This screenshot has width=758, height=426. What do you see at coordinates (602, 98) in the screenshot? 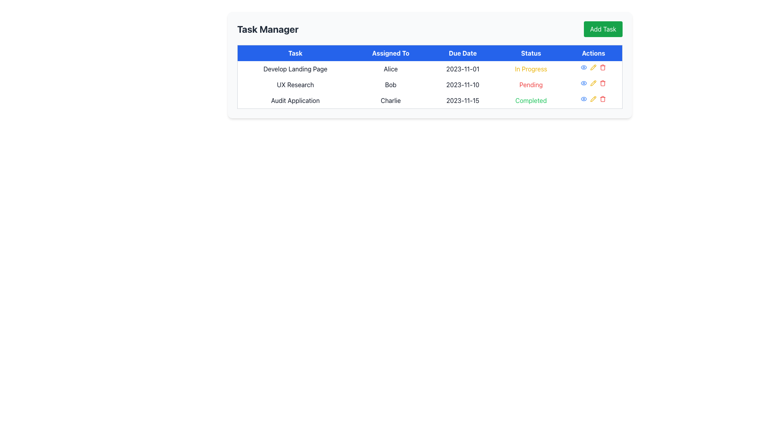
I see `the 'delete' icon, which is the third icon in the 'Actions' column of the third row in the table` at bounding box center [602, 98].